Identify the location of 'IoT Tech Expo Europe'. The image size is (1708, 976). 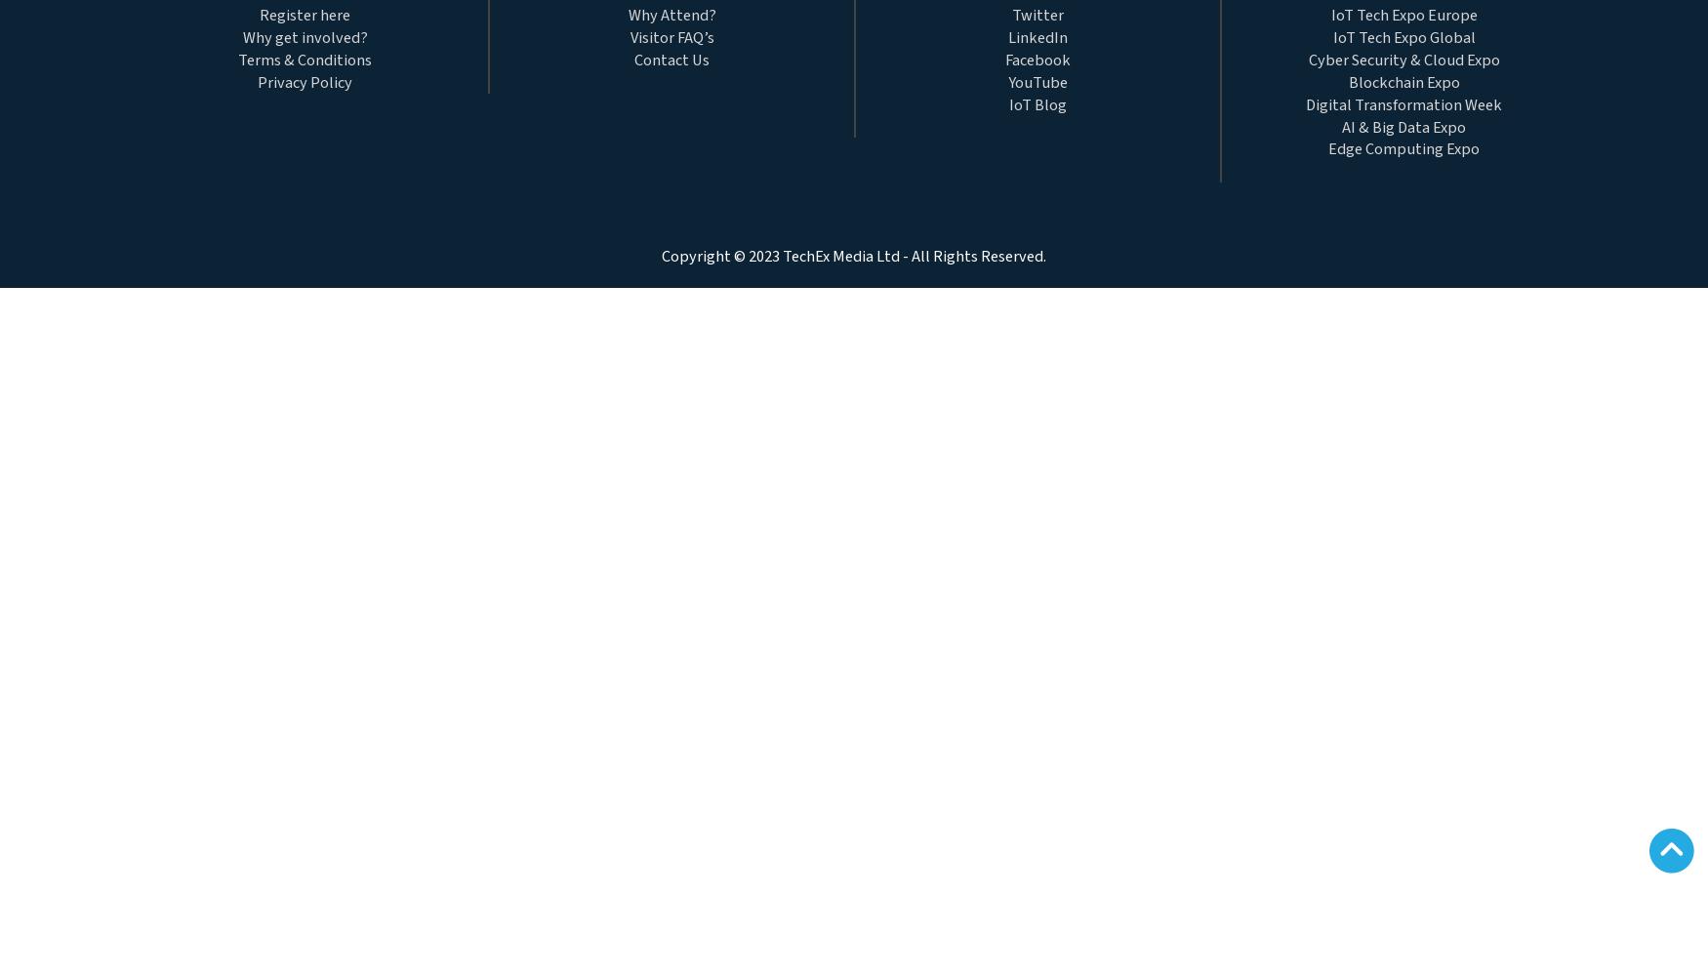
(1330, 16).